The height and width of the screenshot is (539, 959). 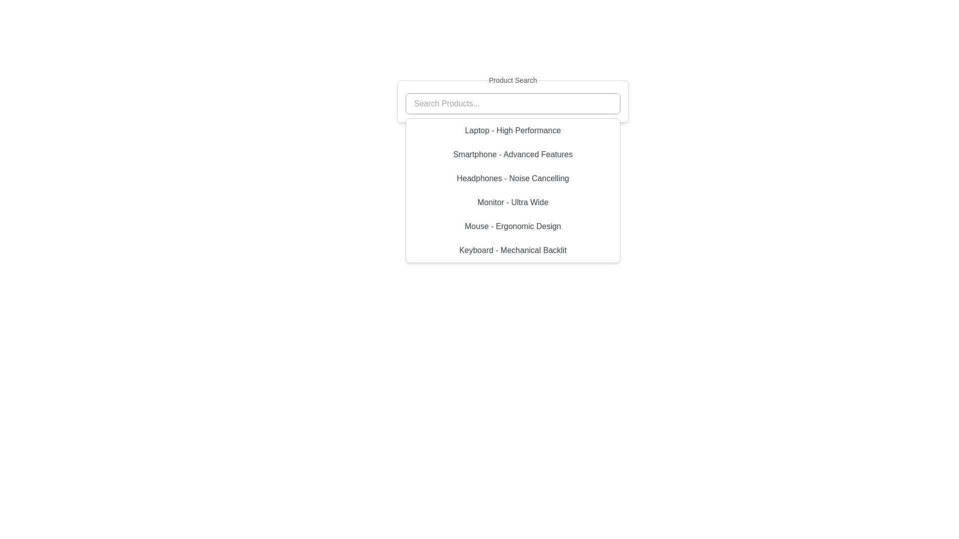 What do you see at coordinates (513, 178) in the screenshot?
I see `the text label reading 'Headphones - Noise Cancelling' which is the third item in the dropdown menu` at bounding box center [513, 178].